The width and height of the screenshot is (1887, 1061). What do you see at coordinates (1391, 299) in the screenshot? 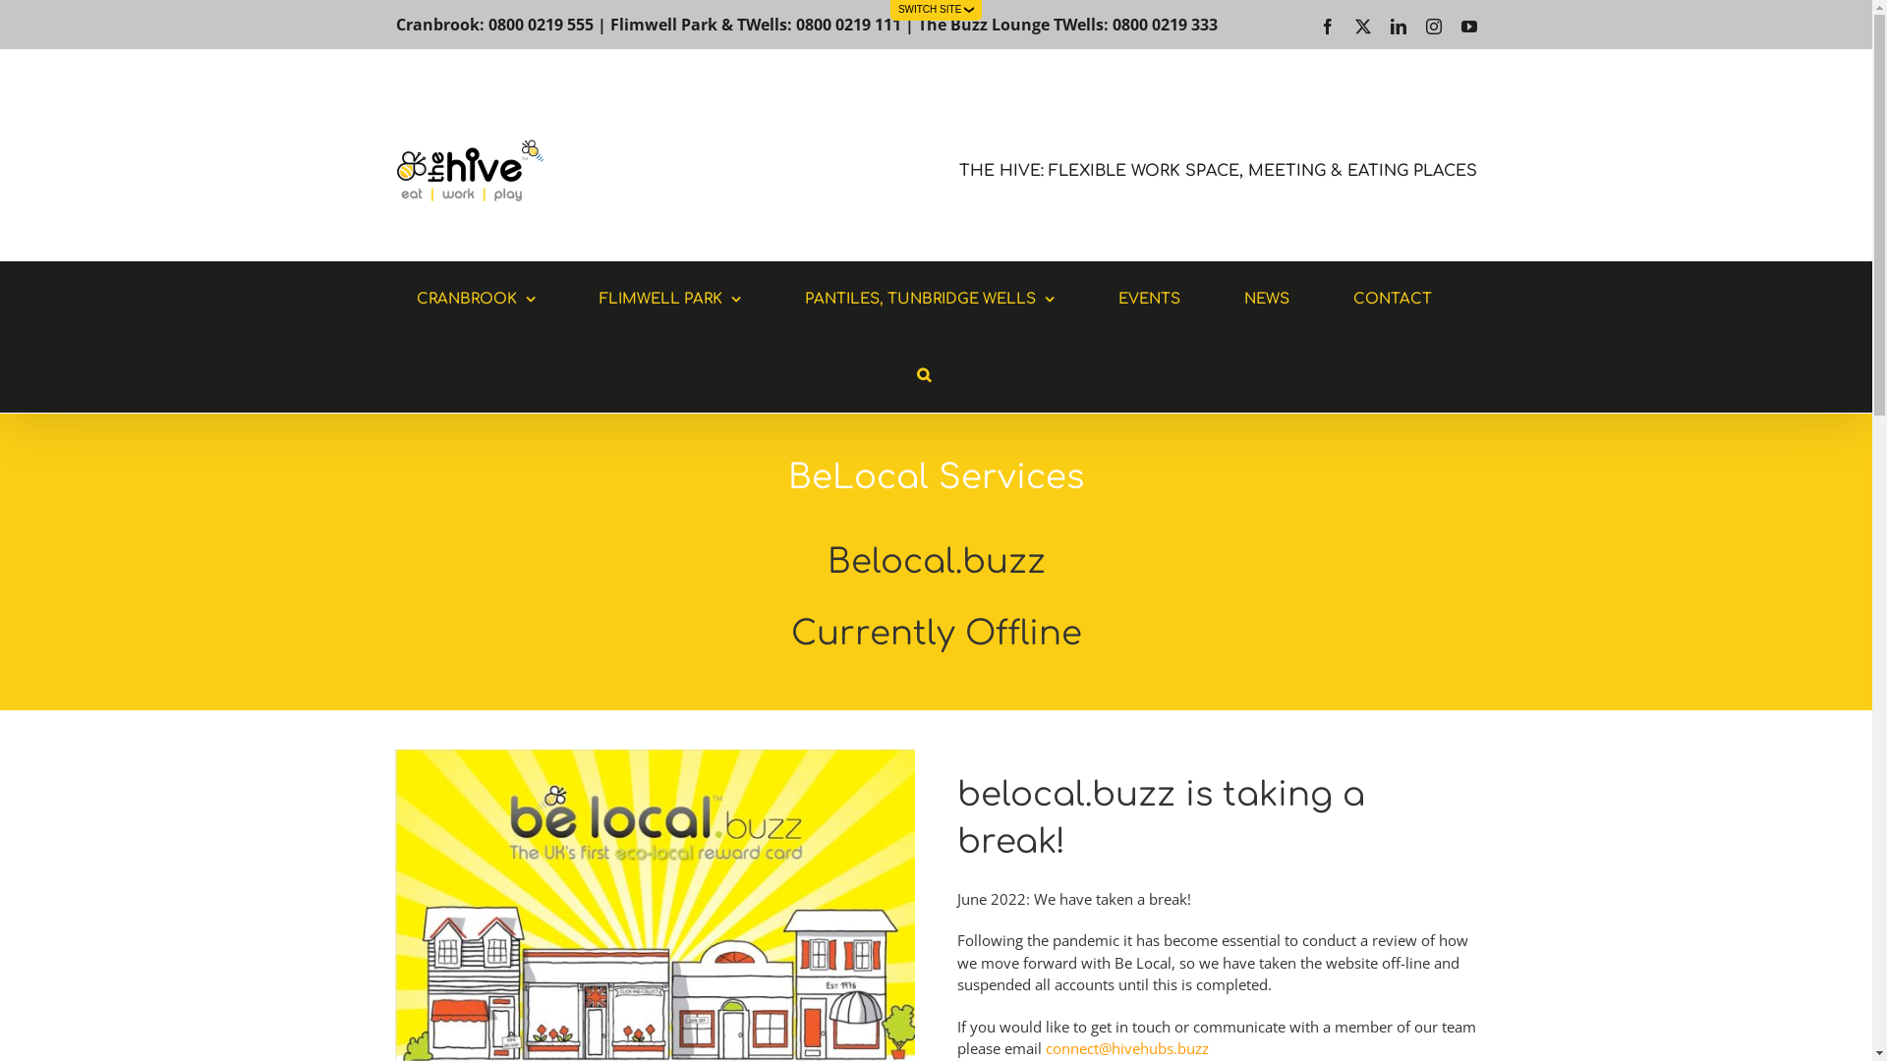
I see `'CONTACT'` at bounding box center [1391, 299].